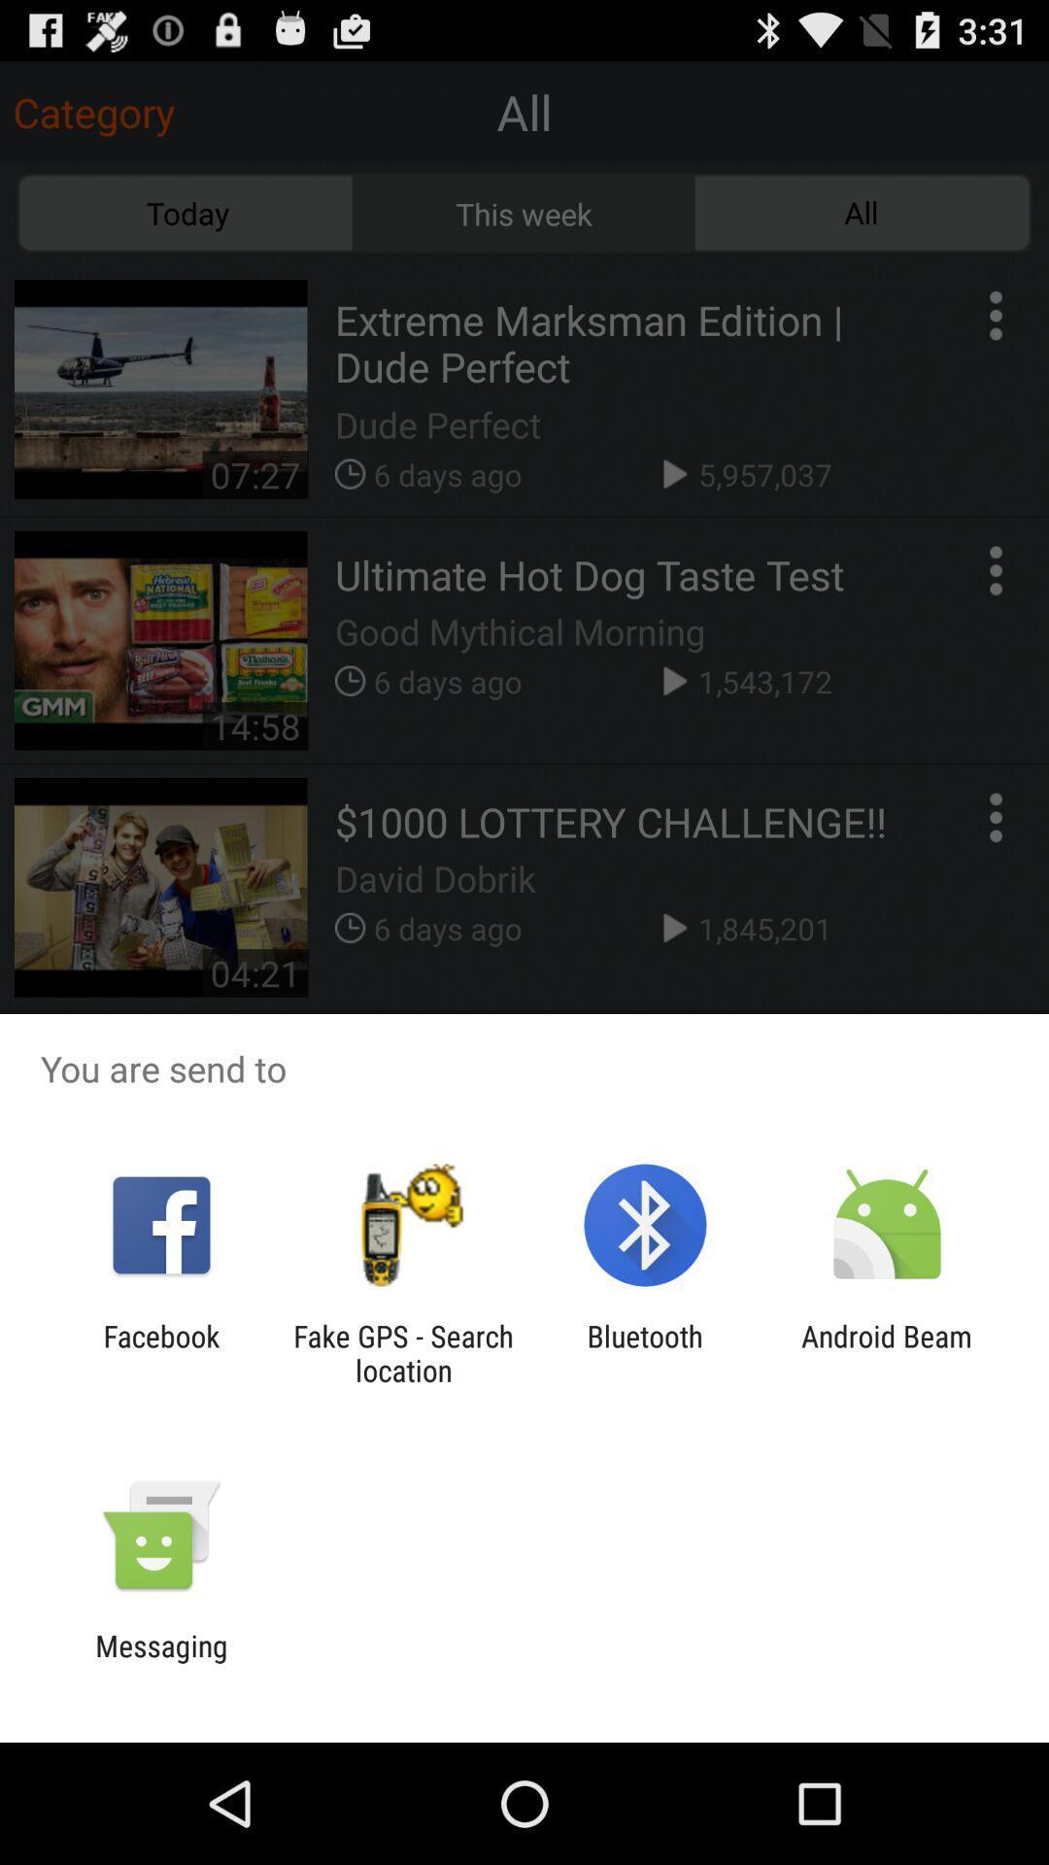 The height and width of the screenshot is (1865, 1049). I want to click on fake gps search item, so click(402, 1352).